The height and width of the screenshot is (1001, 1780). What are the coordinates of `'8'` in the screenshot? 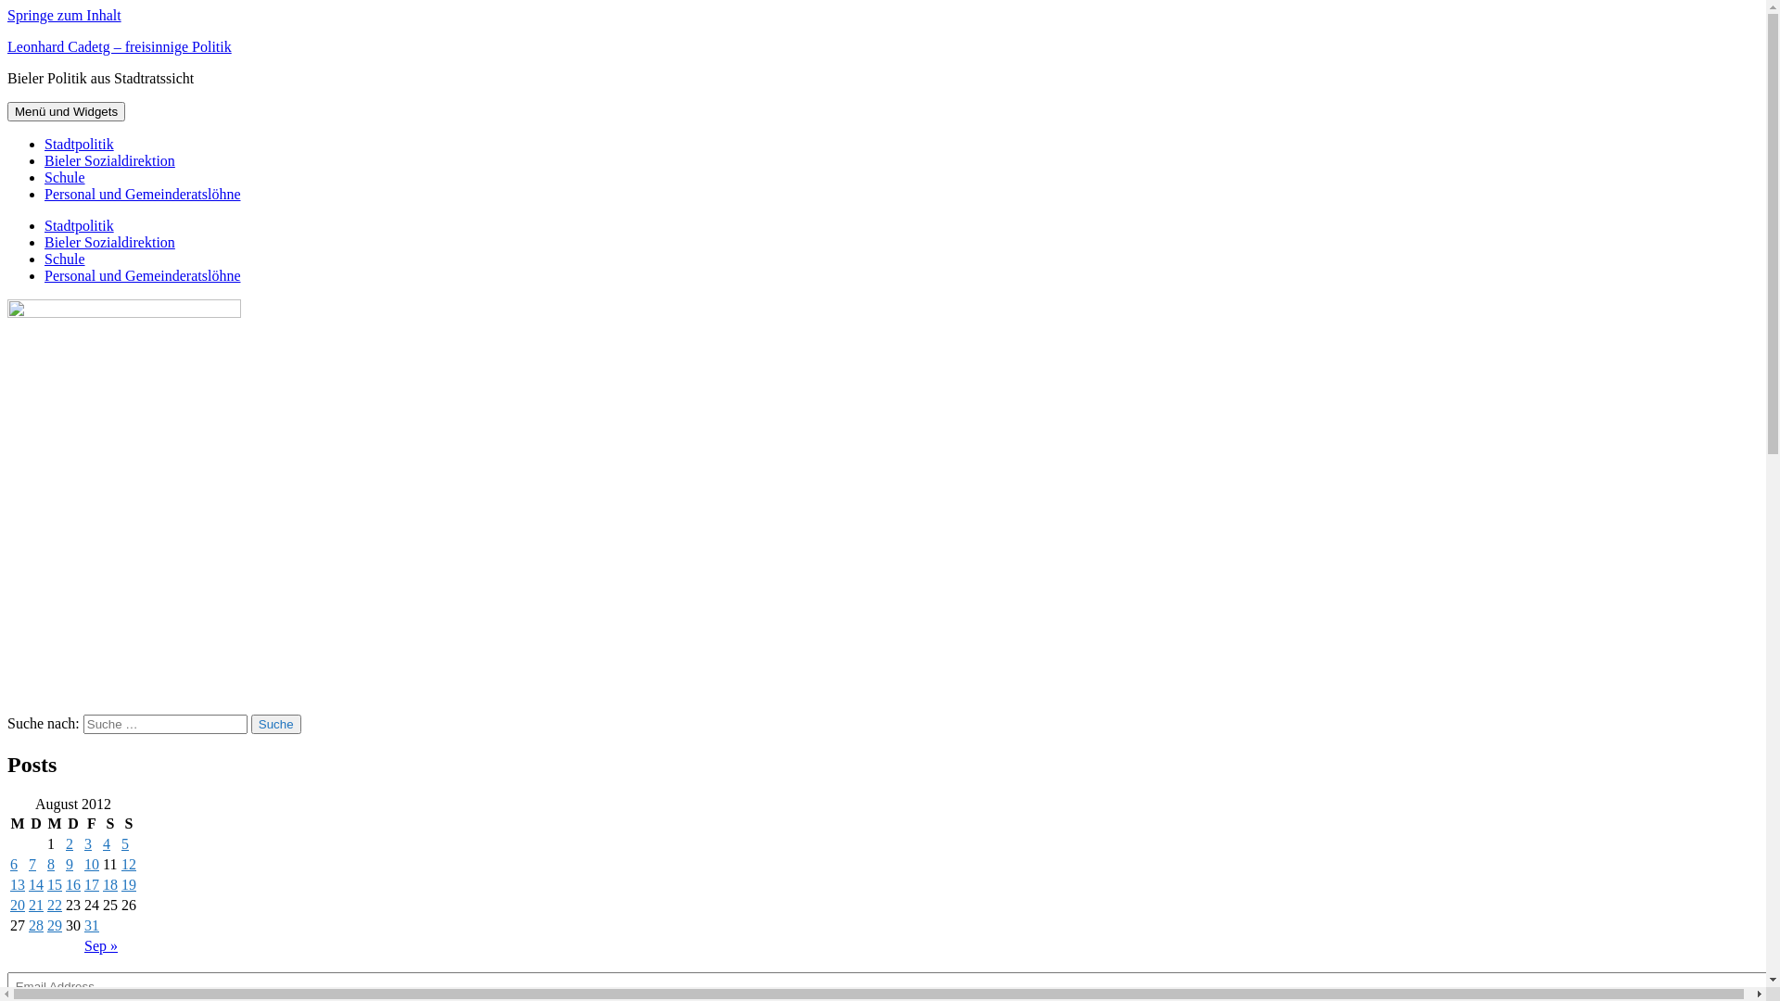 It's located at (50, 864).